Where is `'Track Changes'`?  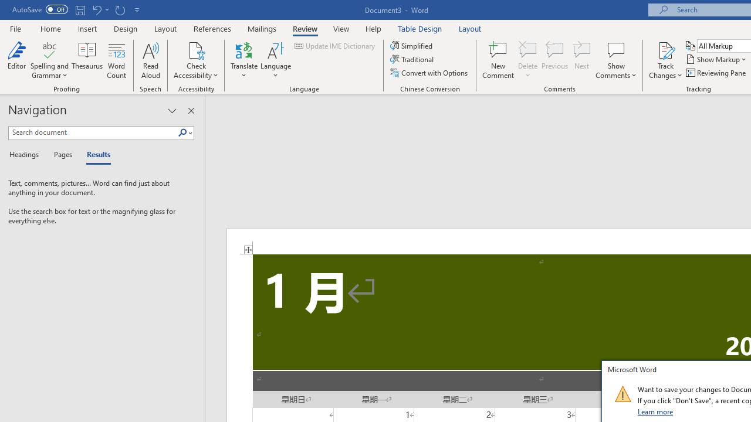
'Track Changes' is located at coordinates (665, 60).